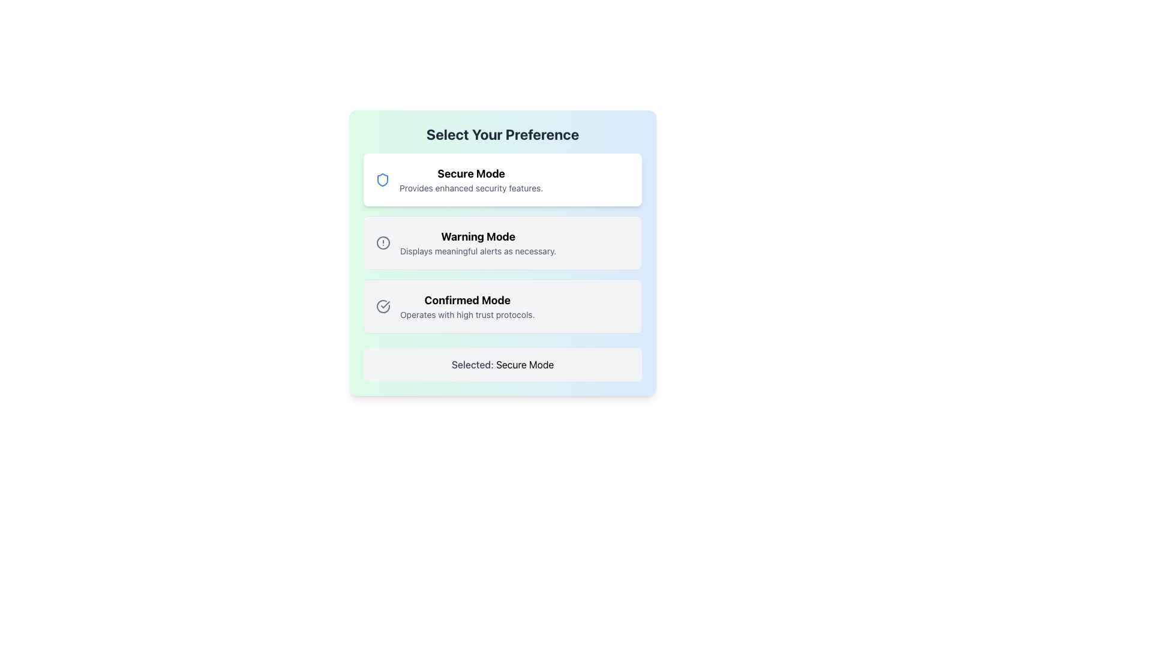  I want to click on the circular icon with a bold outline and a cross or alert symbol in the center, located in the middle option of the preference selection menu next to 'Warning Mode', so click(382, 243).